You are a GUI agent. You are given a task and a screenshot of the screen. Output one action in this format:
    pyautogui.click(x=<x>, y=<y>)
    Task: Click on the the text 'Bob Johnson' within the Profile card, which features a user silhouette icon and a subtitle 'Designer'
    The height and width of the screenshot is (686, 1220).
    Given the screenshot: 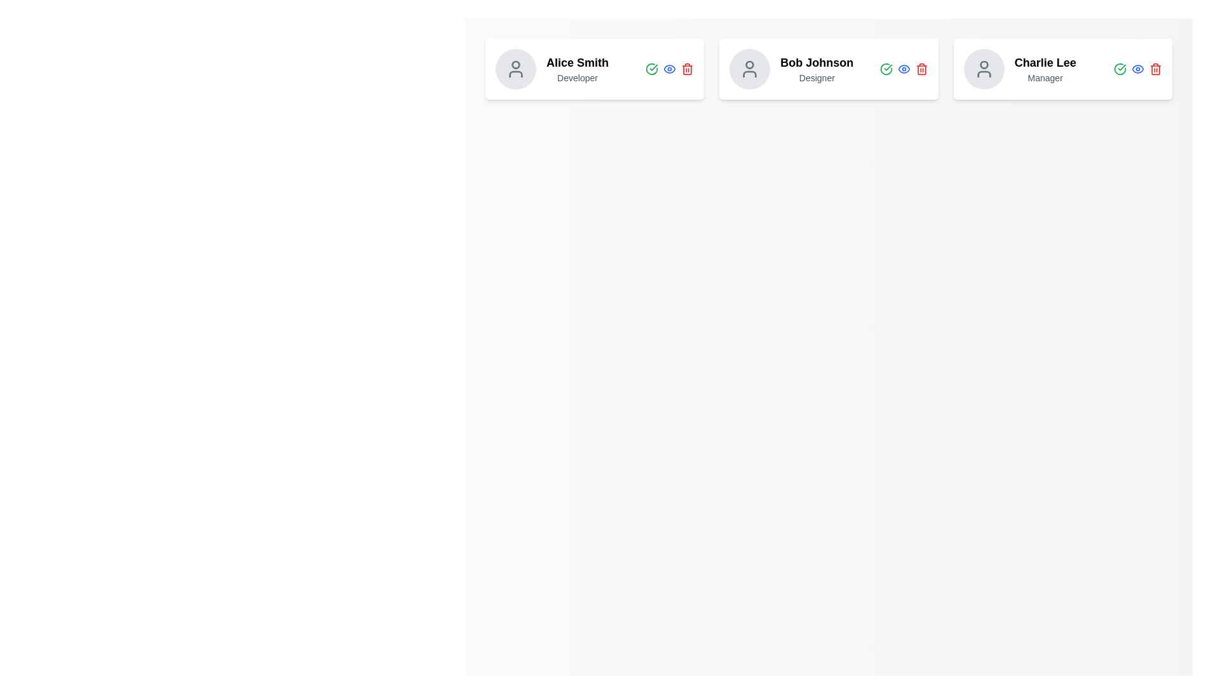 What is the action you would take?
    pyautogui.click(x=790, y=69)
    